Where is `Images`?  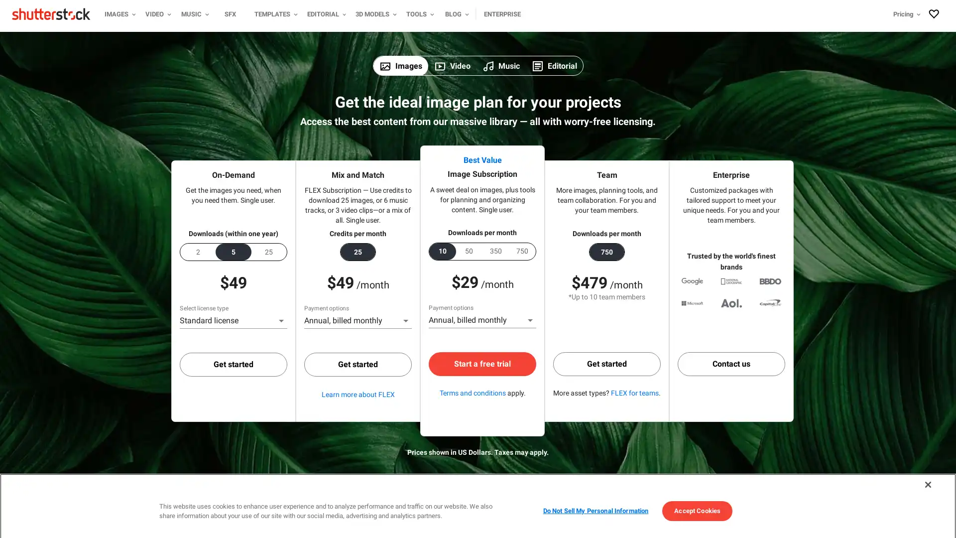 Images is located at coordinates (119, 13).